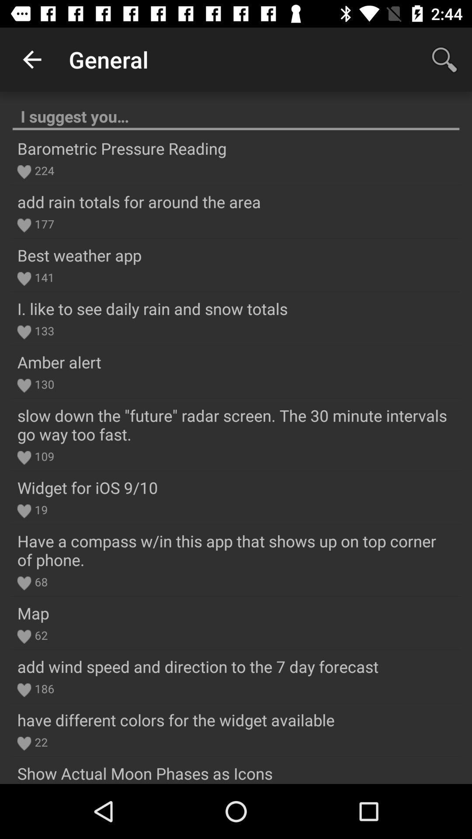 Image resolution: width=472 pixels, height=839 pixels. Describe the element at coordinates (31, 59) in the screenshot. I see `the item to the left of general icon` at that location.